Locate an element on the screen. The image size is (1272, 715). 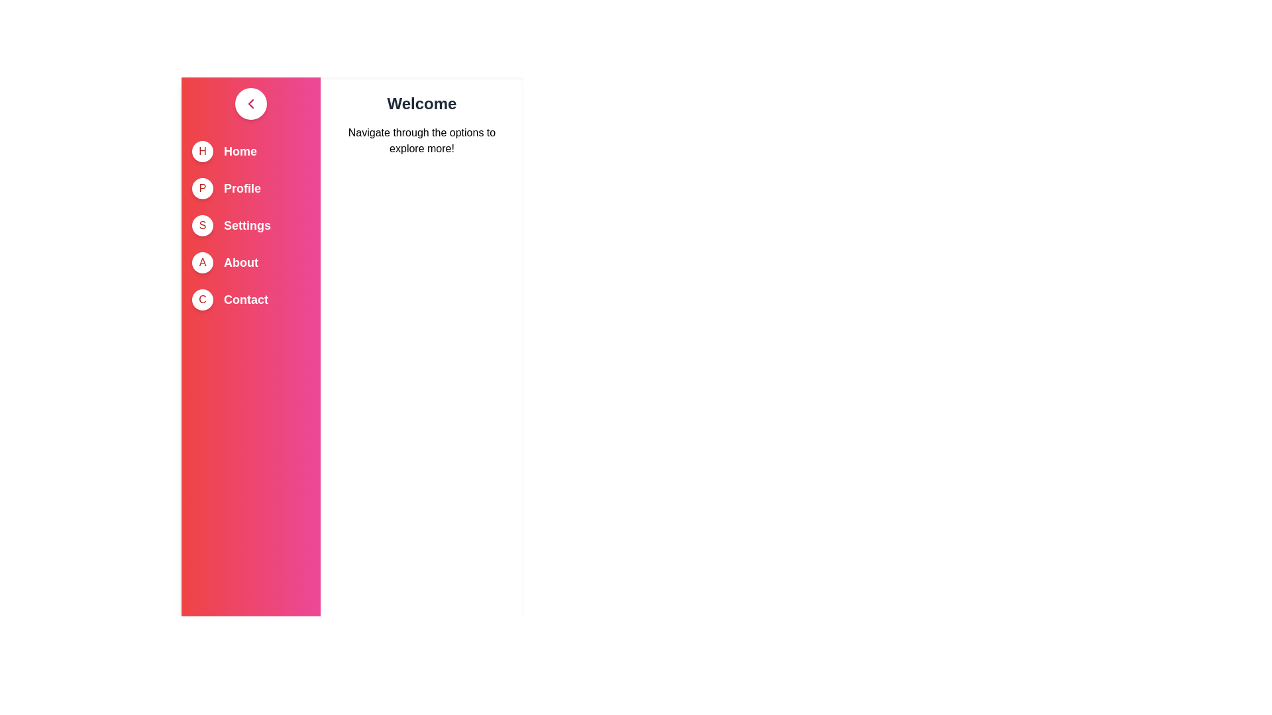
the circle icon corresponding to About is located at coordinates (202, 263).